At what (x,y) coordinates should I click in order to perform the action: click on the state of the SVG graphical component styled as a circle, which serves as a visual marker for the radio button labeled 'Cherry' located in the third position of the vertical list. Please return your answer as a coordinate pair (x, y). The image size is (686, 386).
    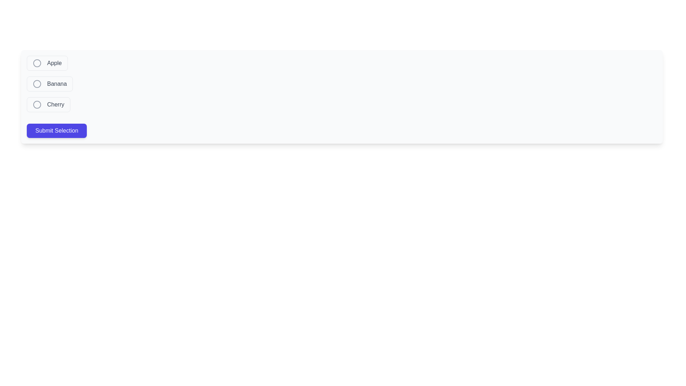
    Looking at the image, I should click on (37, 105).